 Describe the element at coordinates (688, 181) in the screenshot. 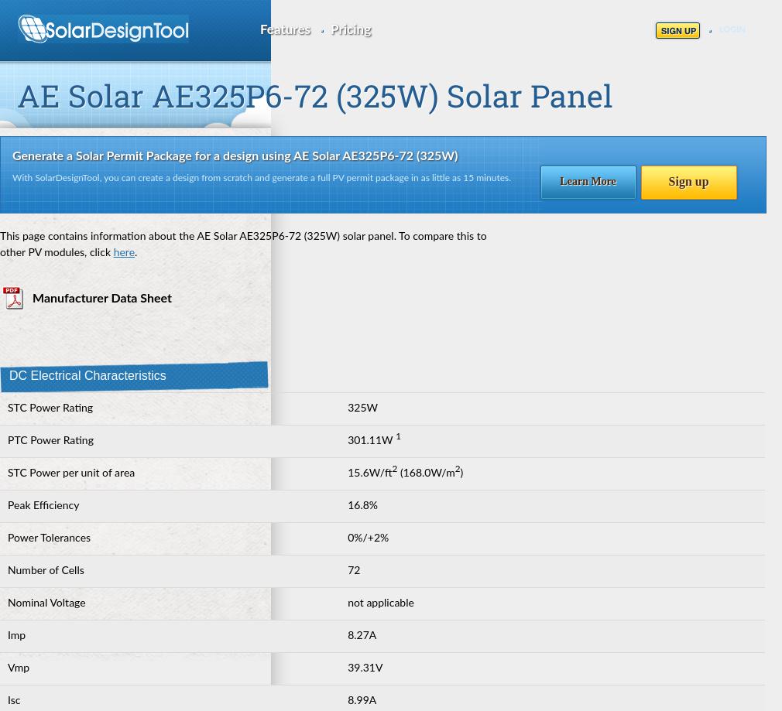

I see `'Sign up'` at that location.